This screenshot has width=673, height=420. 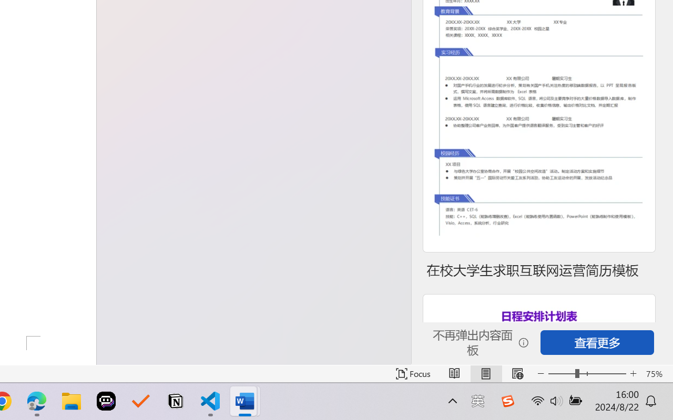 What do you see at coordinates (517, 373) in the screenshot?
I see `'Web Layout'` at bounding box center [517, 373].